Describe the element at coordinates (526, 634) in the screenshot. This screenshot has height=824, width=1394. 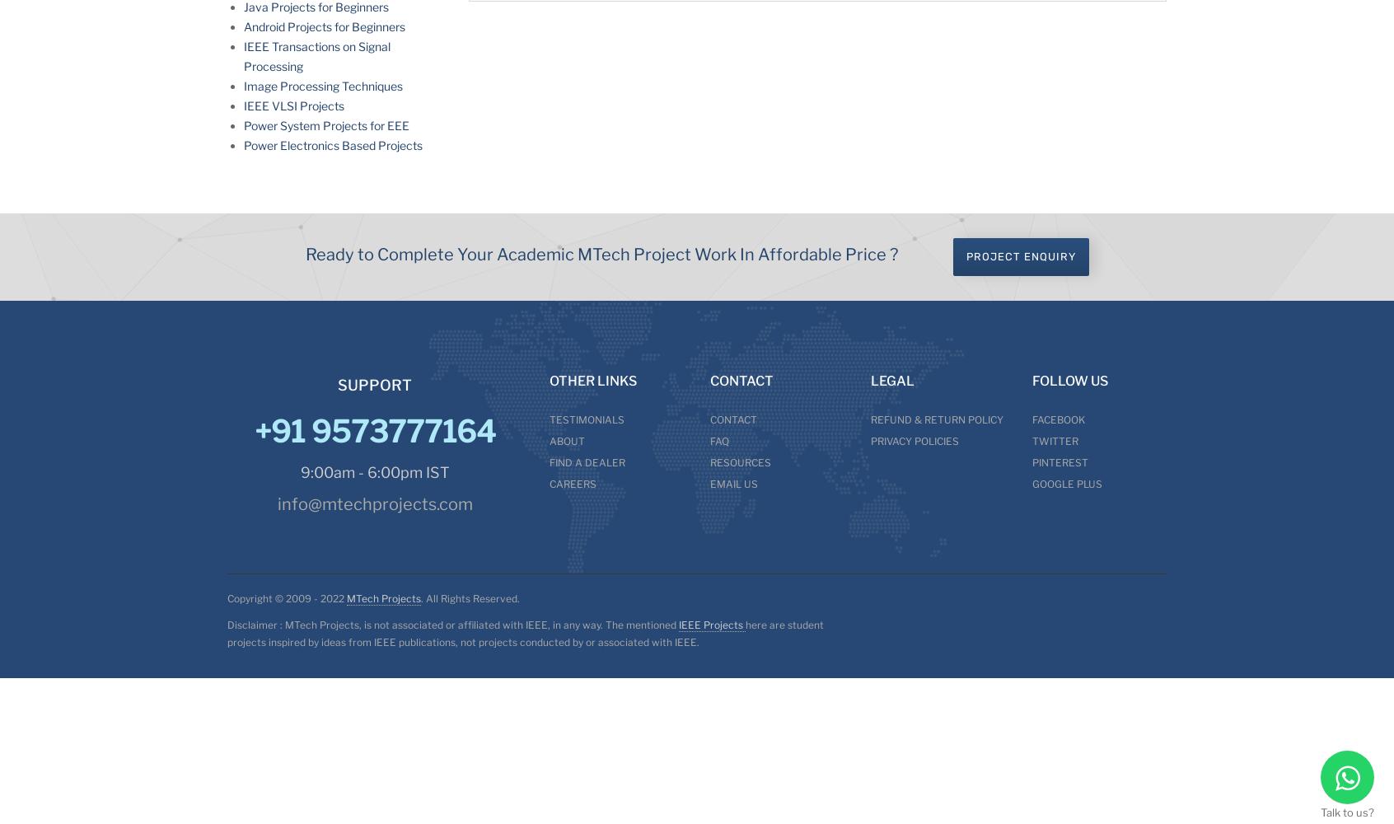
I see `'here are student projects inspired by ideas from IEEE publications, not projects conducted by or associated with IEEE.'` at that location.